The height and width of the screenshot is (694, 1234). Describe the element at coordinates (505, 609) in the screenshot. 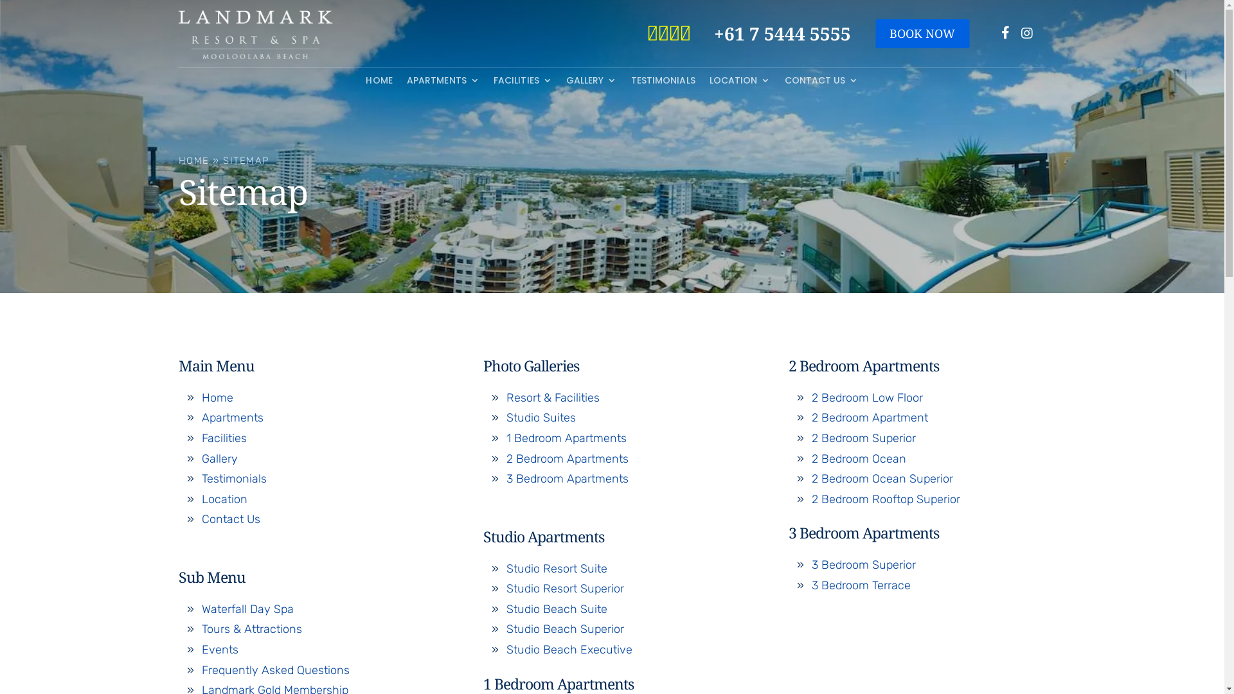

I see `'Studio Beach Suite'` at that location.